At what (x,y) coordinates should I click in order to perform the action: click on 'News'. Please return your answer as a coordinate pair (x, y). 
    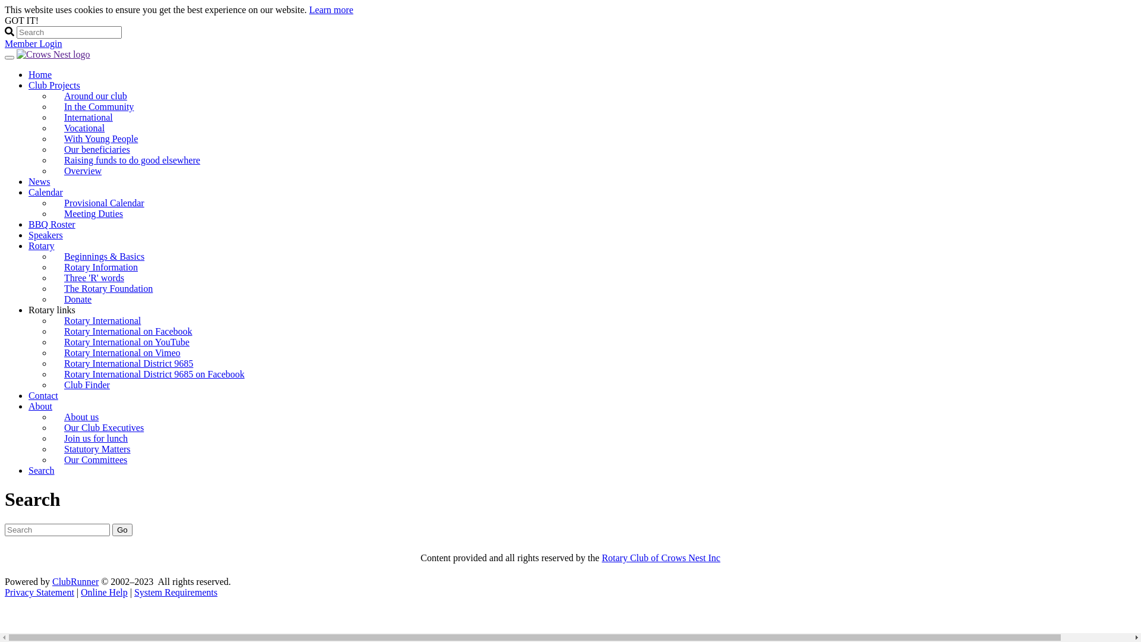
    Looking at the image, I should click on (29, 181).